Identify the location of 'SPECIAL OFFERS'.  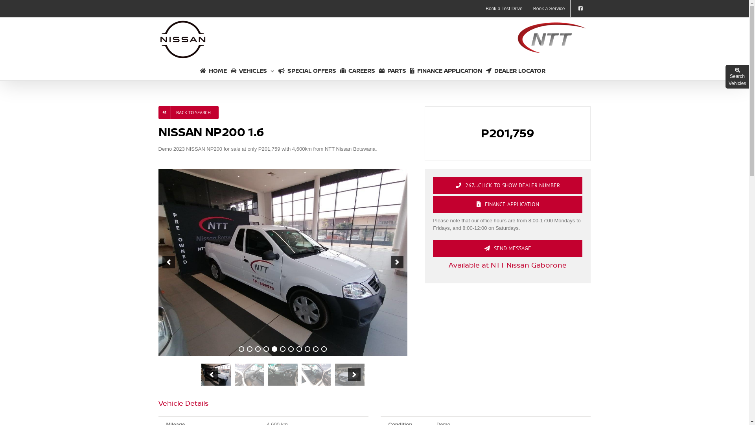
(278, 70).